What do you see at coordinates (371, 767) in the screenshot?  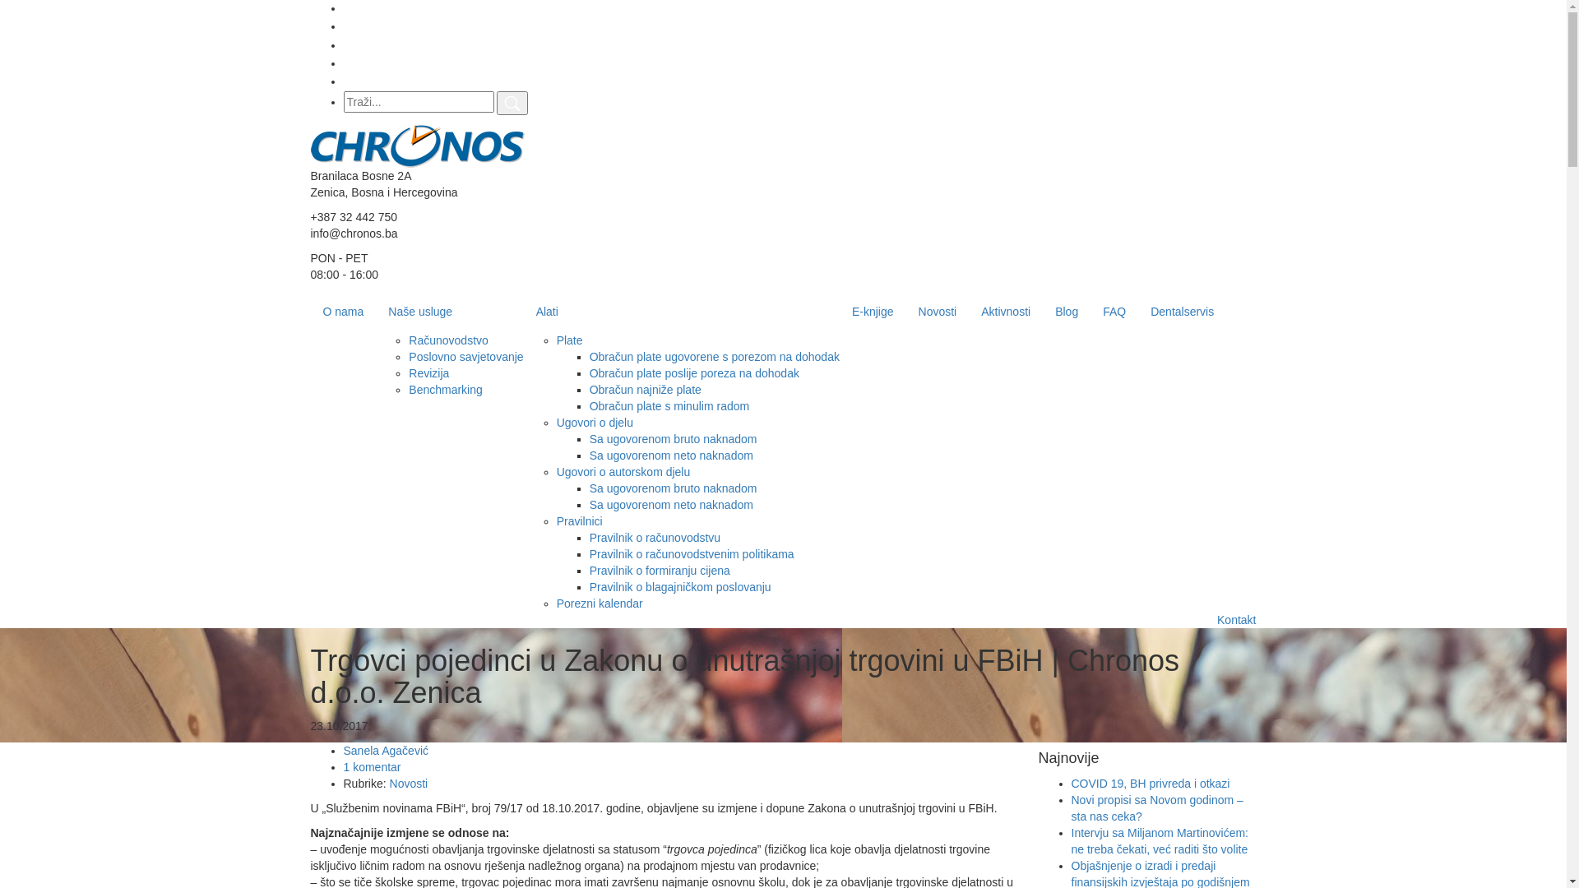 I see `'1 komentar'` at bounding box center [371, 767].